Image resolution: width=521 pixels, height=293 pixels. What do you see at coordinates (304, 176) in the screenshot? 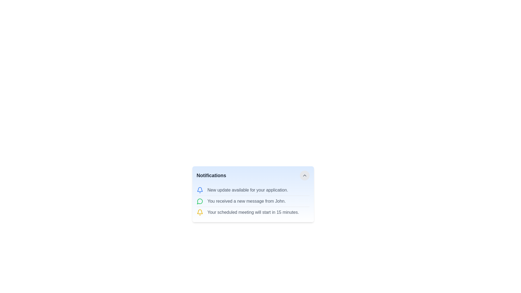
I see `the button that collapses or minimizes the notification panel, located near the top-right corner of the notification panel, to the right of the title 'Notifications.'` at bounding box center [304, 176].